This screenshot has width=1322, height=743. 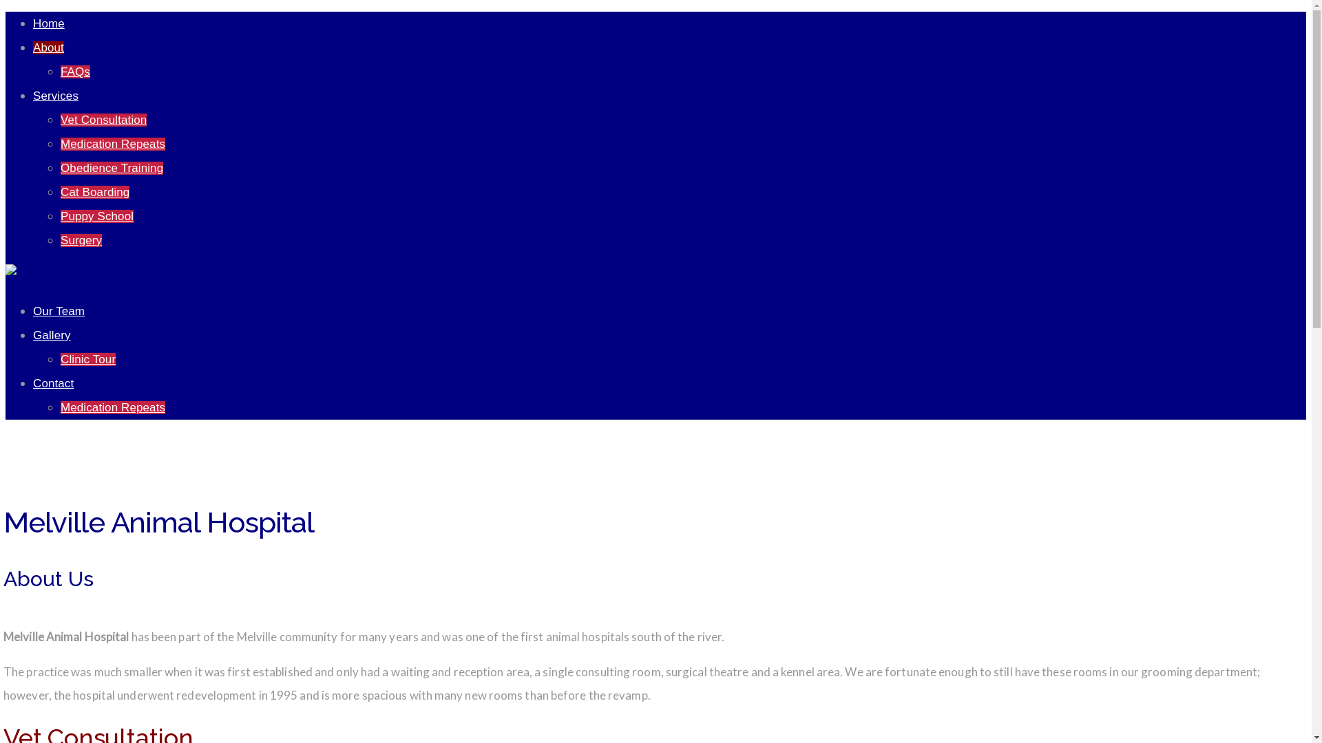 What do you see at coordinates (52, 335) in the screenshot?
I see `'Gallery'` at bounding box center [52, 335].